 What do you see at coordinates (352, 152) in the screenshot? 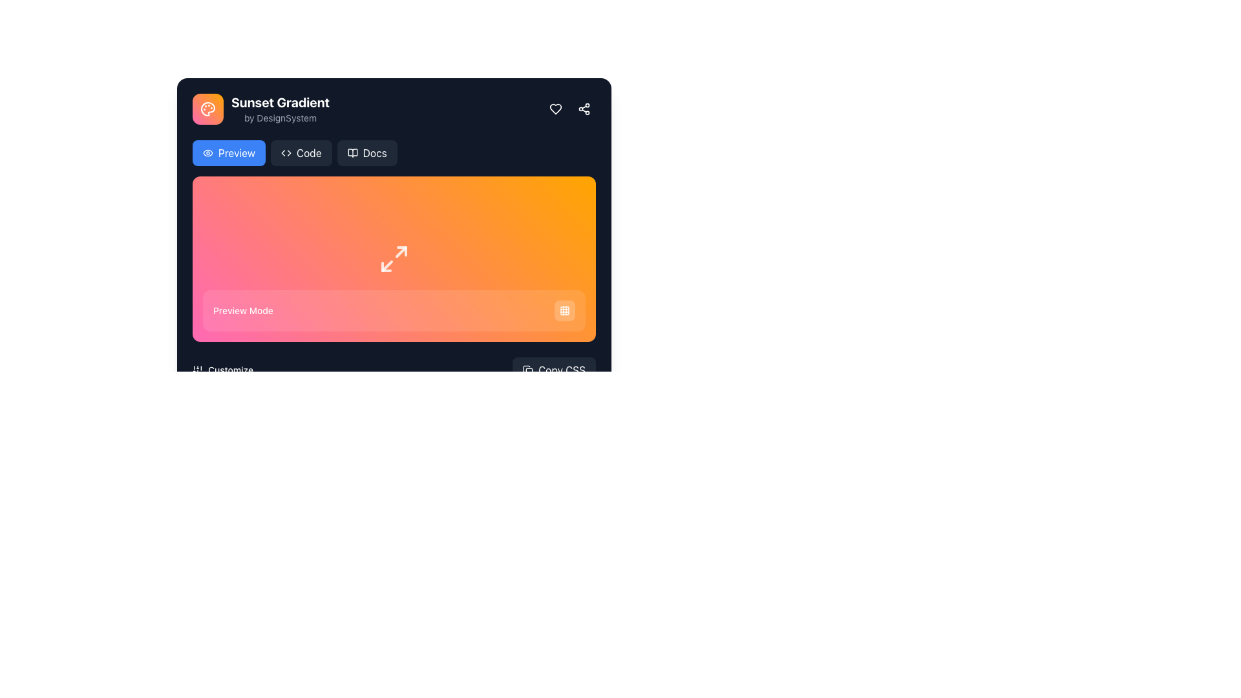
I see `the icon resembling an open book located within the 'Docs' button, which is styled with a gray outline and positioned to the left of the text label 'Docs'` at bounding box center [352, 152].